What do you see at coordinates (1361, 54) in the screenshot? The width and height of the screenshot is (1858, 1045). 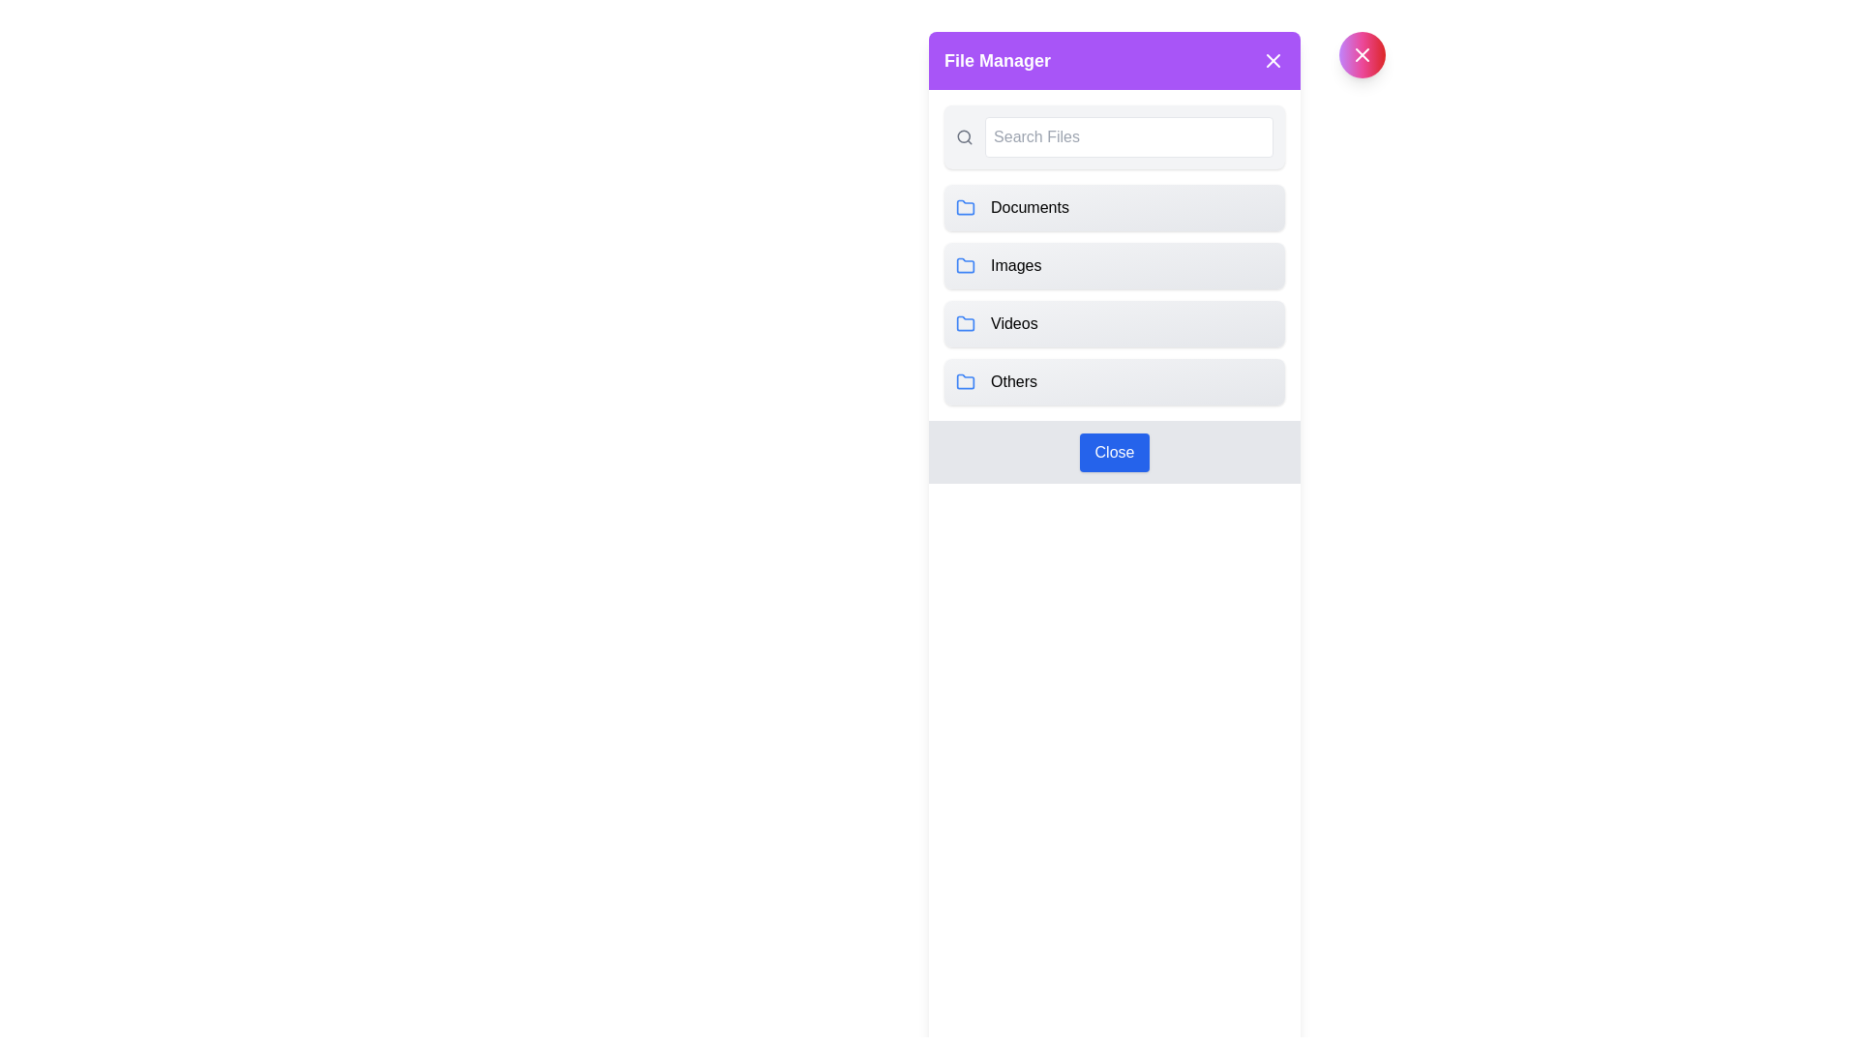 I see `the 'X' icon within the circular button located at the top-right corner of the interface, which is styled with a red background and a gradient edge, to trigger a visual feedback effect` at bounding box center [1361, 54].